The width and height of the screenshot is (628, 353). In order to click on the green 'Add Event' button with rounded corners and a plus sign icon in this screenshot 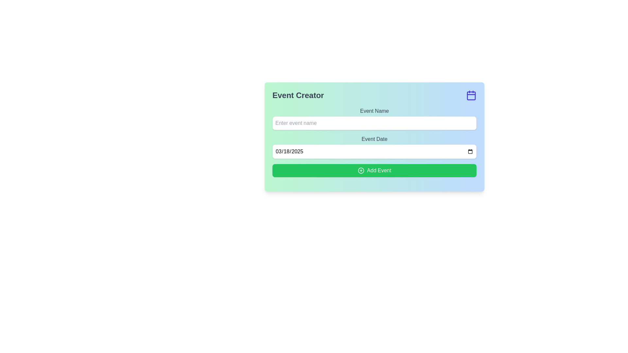, I will do `click(375, 170)`.